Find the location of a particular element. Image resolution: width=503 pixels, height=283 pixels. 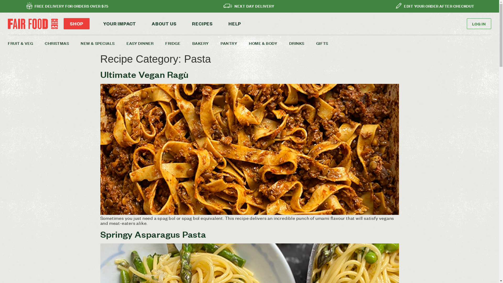

'HOME & BODY' is located at coordinates (269, 43).